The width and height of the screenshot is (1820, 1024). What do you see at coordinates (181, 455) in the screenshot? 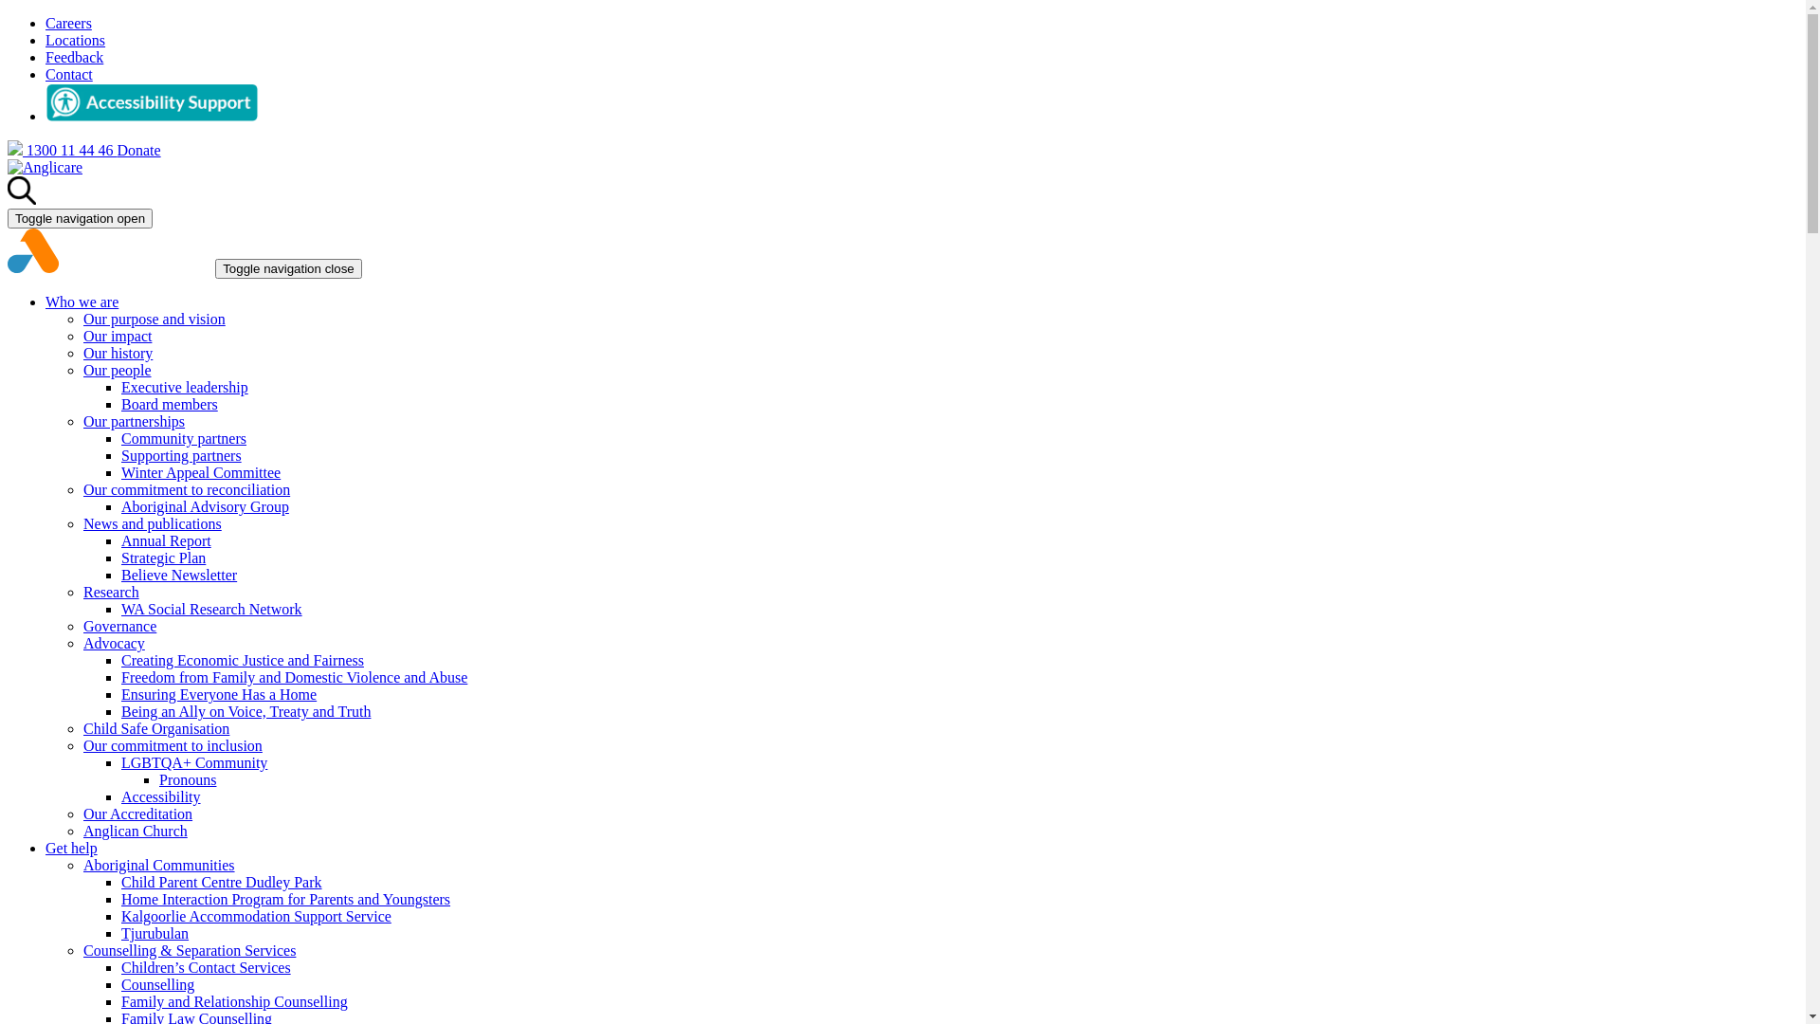
I see `'Supporting partners'` at bounding box center [181, 455].